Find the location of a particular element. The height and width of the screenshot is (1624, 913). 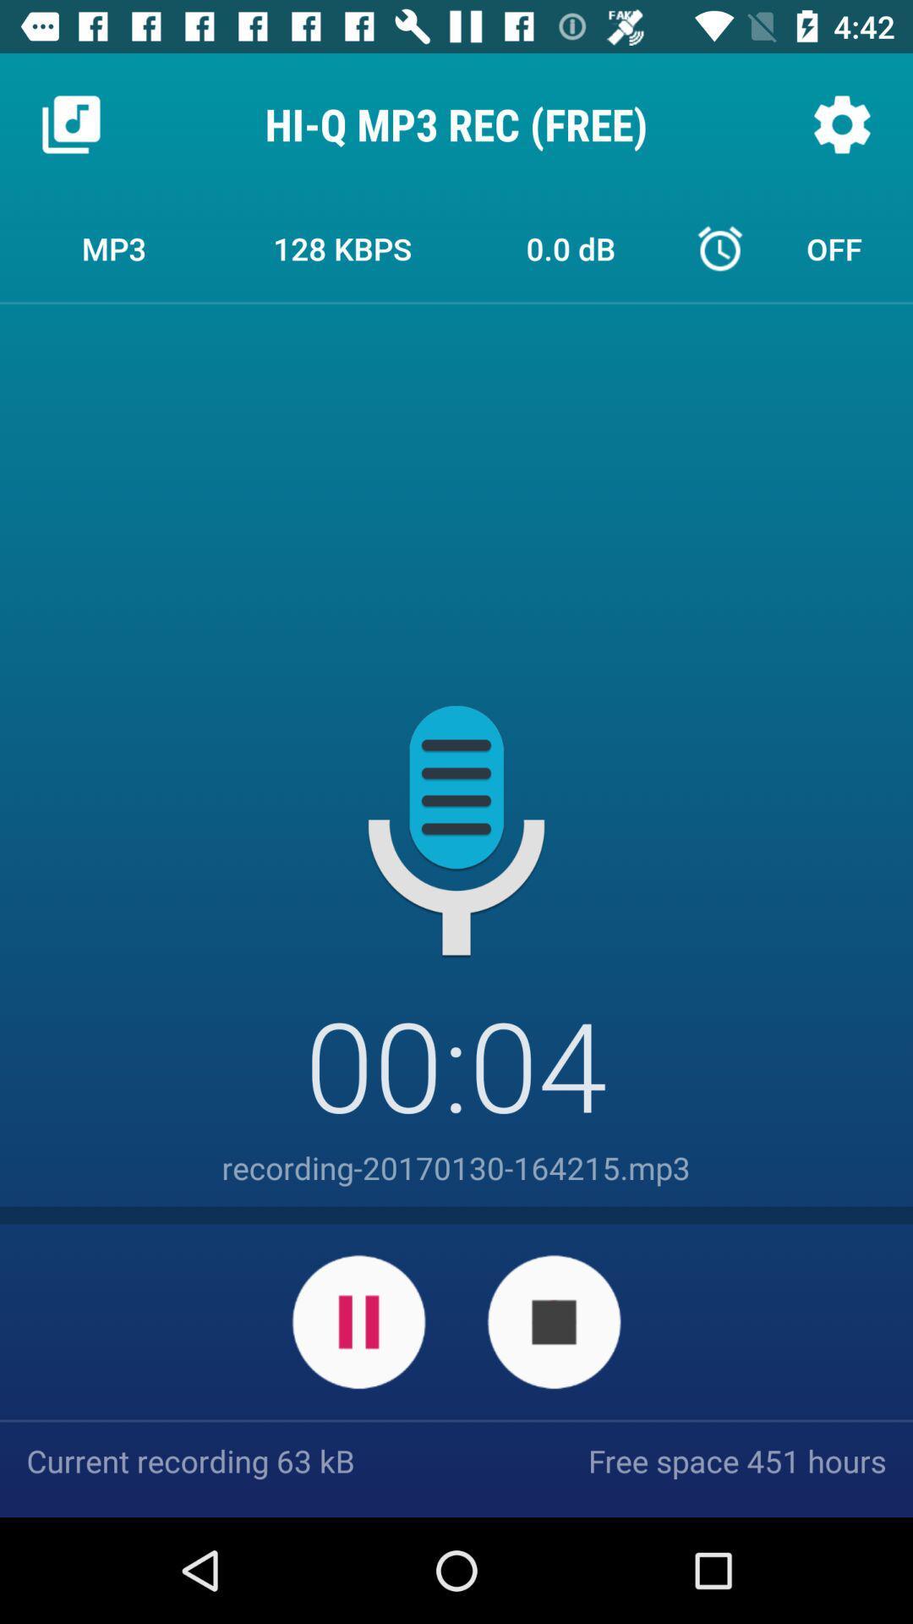

the item to the right of the 0.0 db is located at coordinates (799, 247).